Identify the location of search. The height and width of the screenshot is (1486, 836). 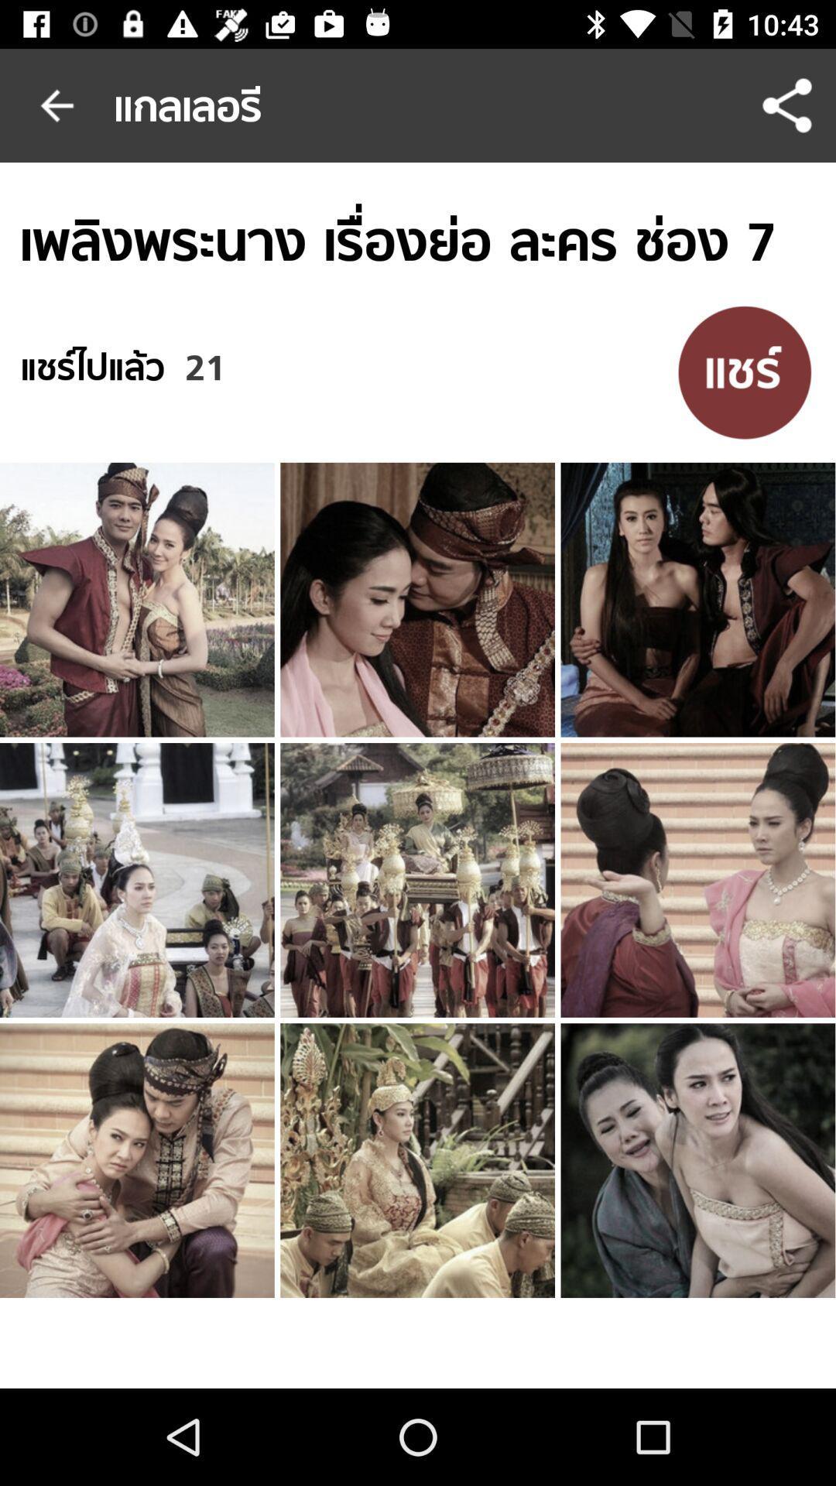
(744, 371).